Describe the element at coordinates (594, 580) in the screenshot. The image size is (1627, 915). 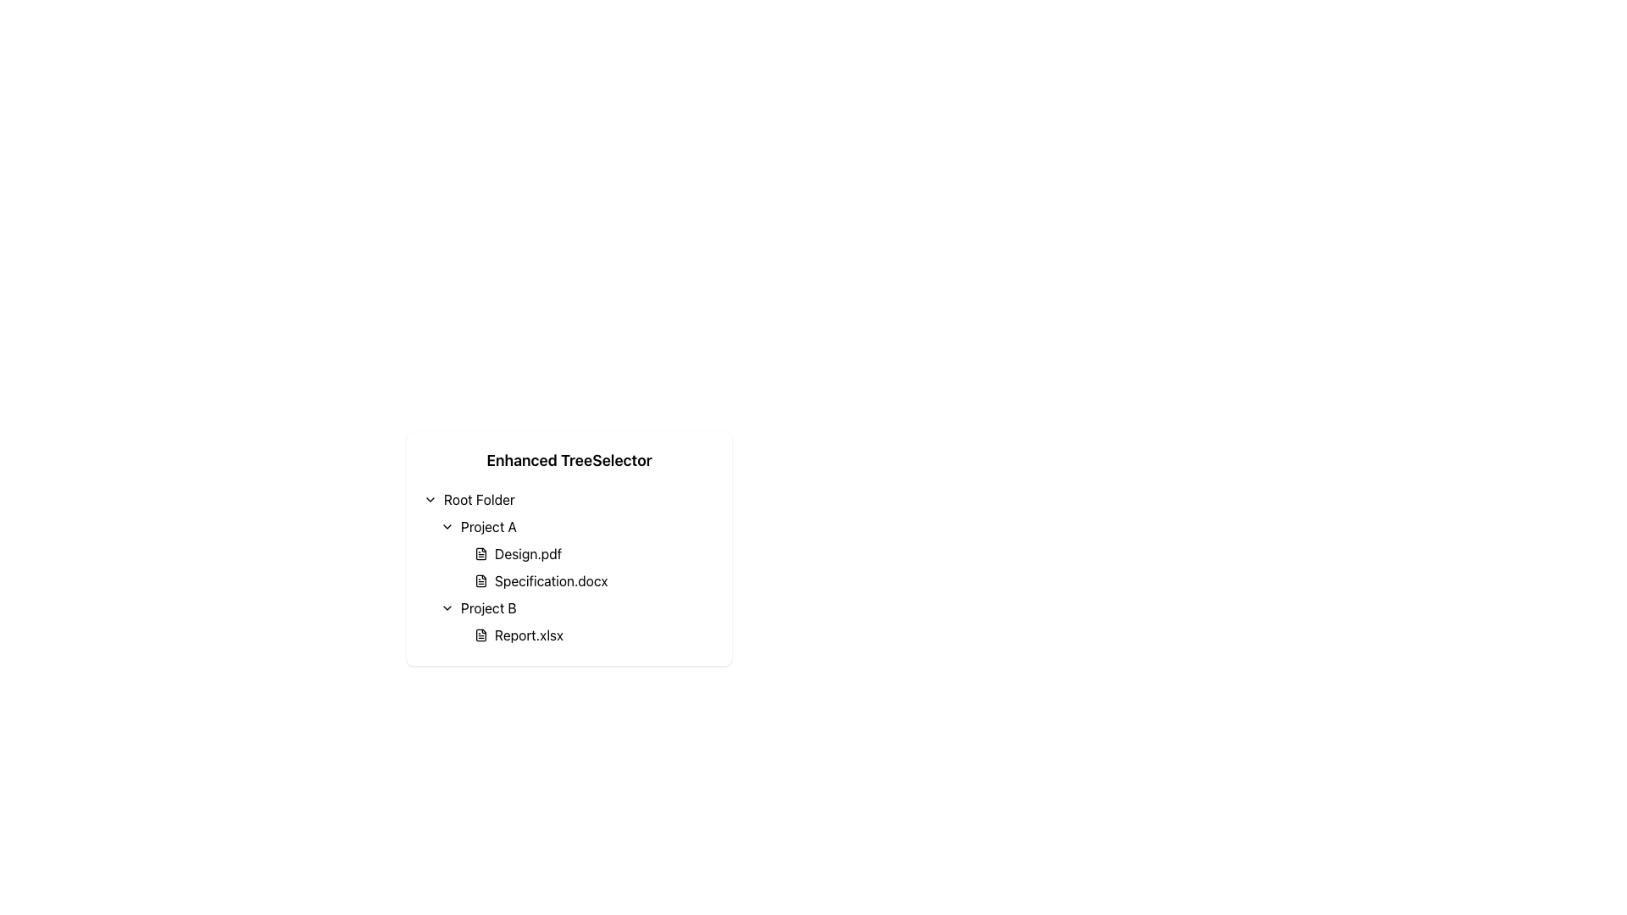
I see `the file item 'Specification.docx' in the tree view` at that location.